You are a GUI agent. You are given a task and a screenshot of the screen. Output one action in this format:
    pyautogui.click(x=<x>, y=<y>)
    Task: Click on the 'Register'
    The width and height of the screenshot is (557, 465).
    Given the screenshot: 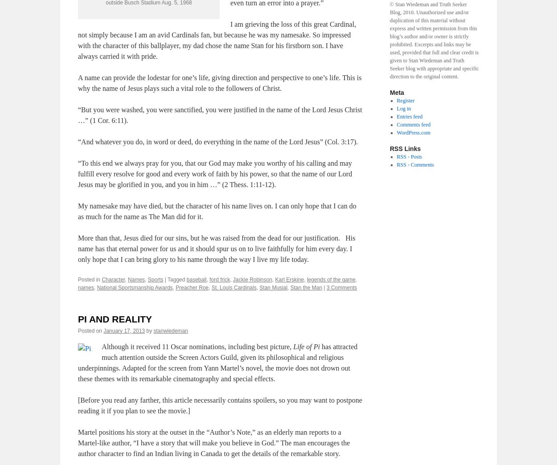 What is the action you would take?
    pyautogui.click(x=397, y=101)
    